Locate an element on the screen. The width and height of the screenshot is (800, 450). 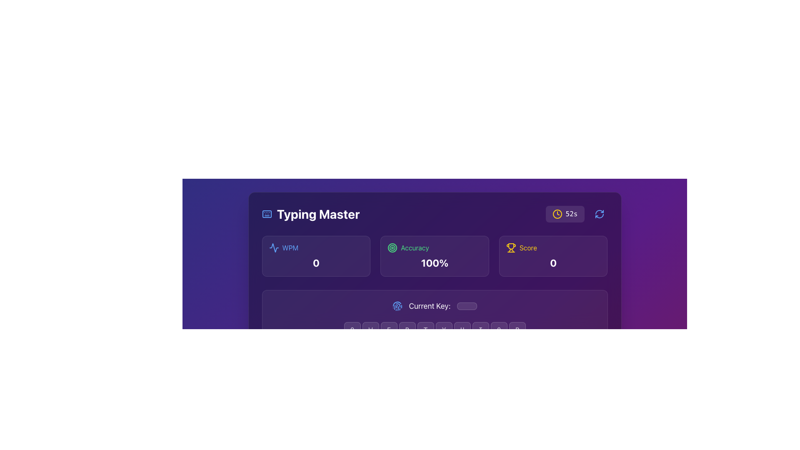
the rounded rectangular button with a capital letter 'Q' in the center, located in the row of buttons beneath the 'Current Key:' section is located at coordinates (352, 330).